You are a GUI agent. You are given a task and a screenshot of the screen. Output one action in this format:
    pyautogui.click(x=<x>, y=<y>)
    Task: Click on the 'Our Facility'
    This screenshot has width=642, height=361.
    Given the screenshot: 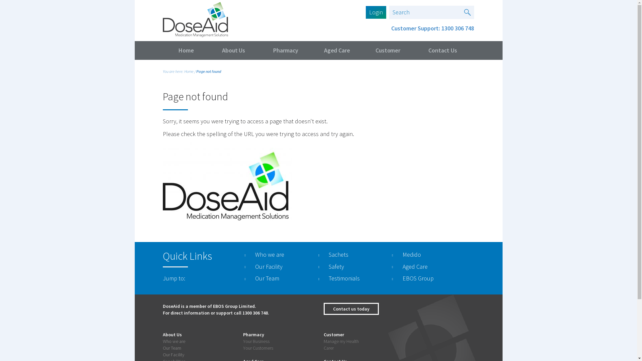 What is the action you would take?
    pyautogui.click(x=162, y=354)
    